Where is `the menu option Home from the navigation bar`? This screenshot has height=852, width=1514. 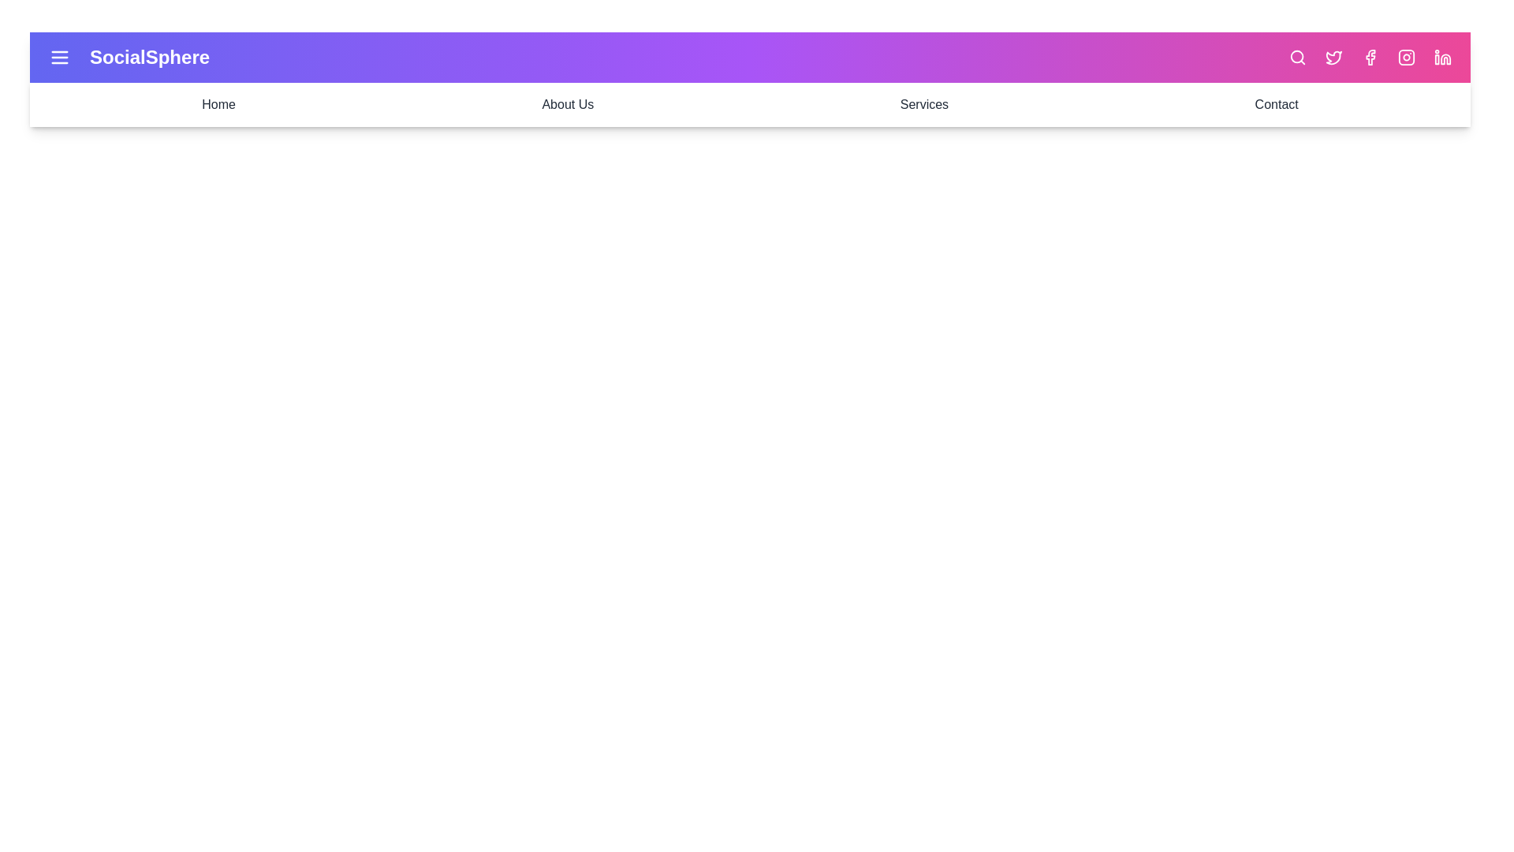 the menu option Home from the navigation bar is located at coordinates (218, 104).